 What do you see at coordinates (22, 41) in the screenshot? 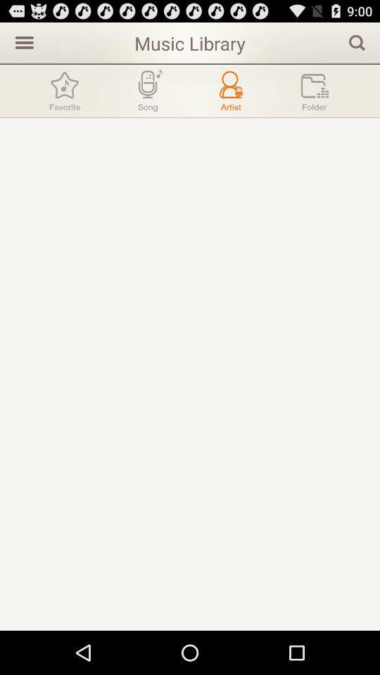
I see `icon next to music library icon` at bounding box center [22, 41].